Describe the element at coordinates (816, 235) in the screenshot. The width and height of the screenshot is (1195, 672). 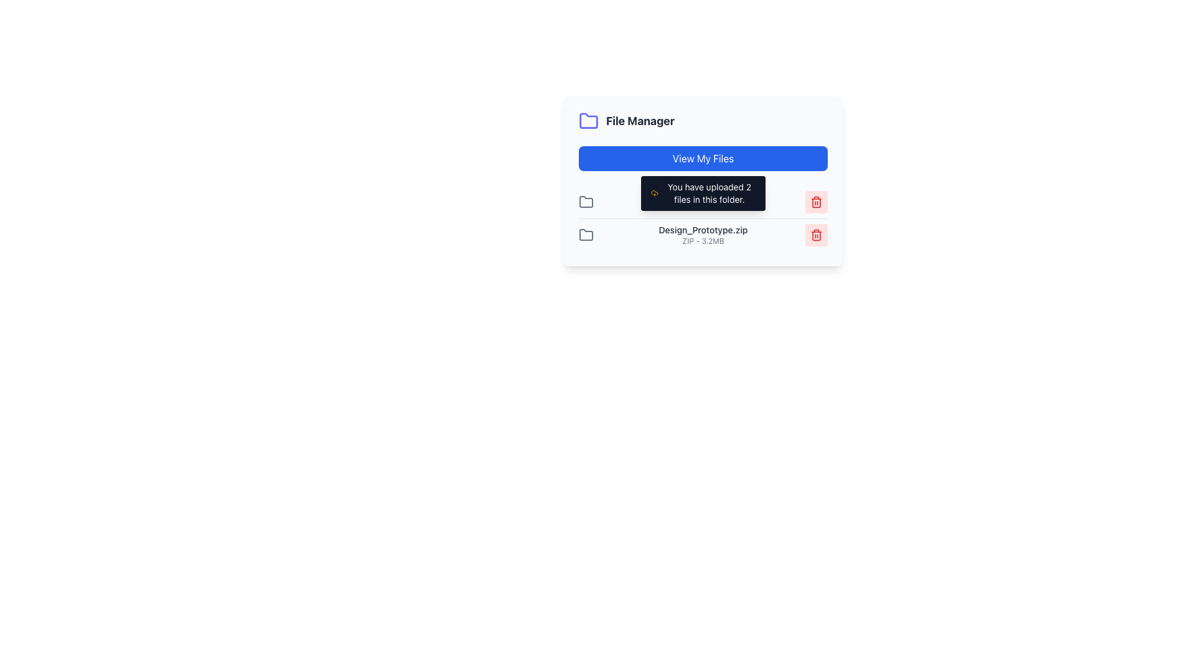
I see `the Trash Can icon located at the right end of the row for the file entry labeled 'Design_Prototype.zip'` at that location.